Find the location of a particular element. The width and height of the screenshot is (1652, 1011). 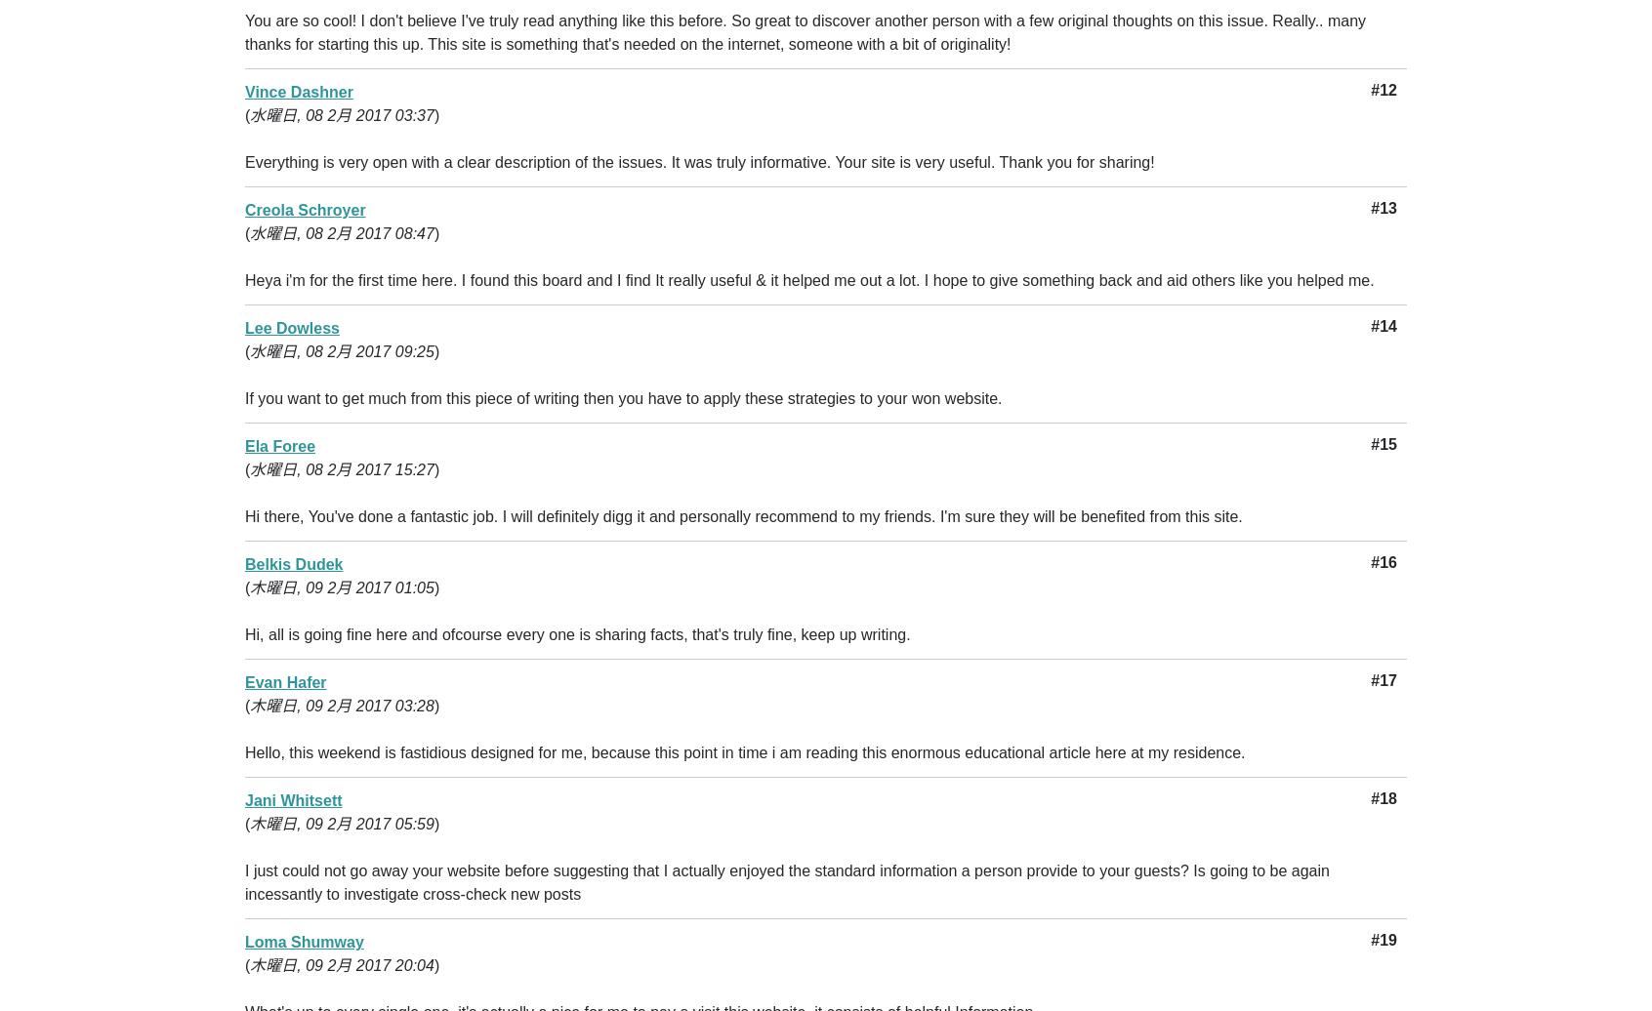

'木曜日, 09 2月 2017 05:59' is located at coordinates (341, 824).